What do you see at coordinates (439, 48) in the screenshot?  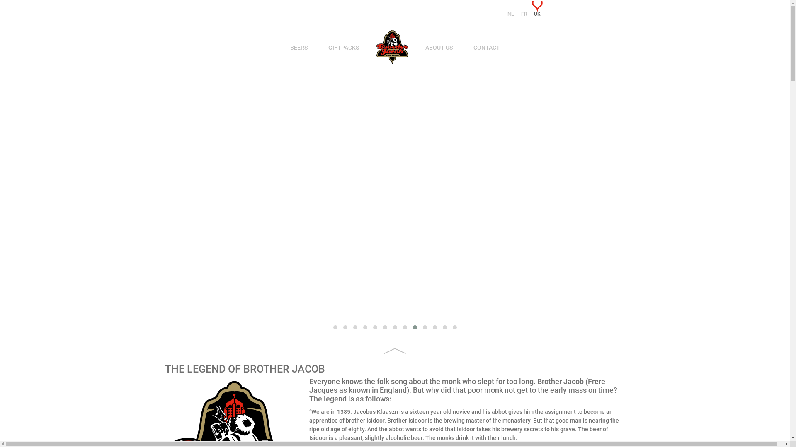 I see `'ABOUT US'` at bounding box center [439, 48].